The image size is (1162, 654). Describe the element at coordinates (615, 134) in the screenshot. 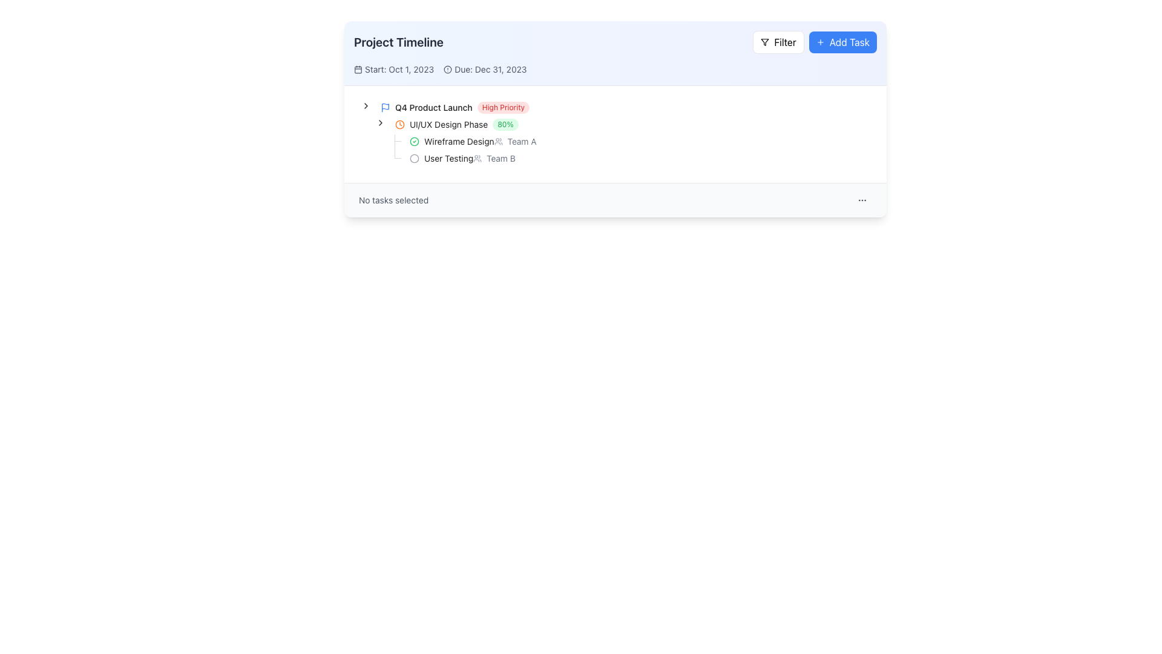

I see `the entries in the multi-line hierarchical tree structure displaying the project plan or timeline for additional information` at that location.